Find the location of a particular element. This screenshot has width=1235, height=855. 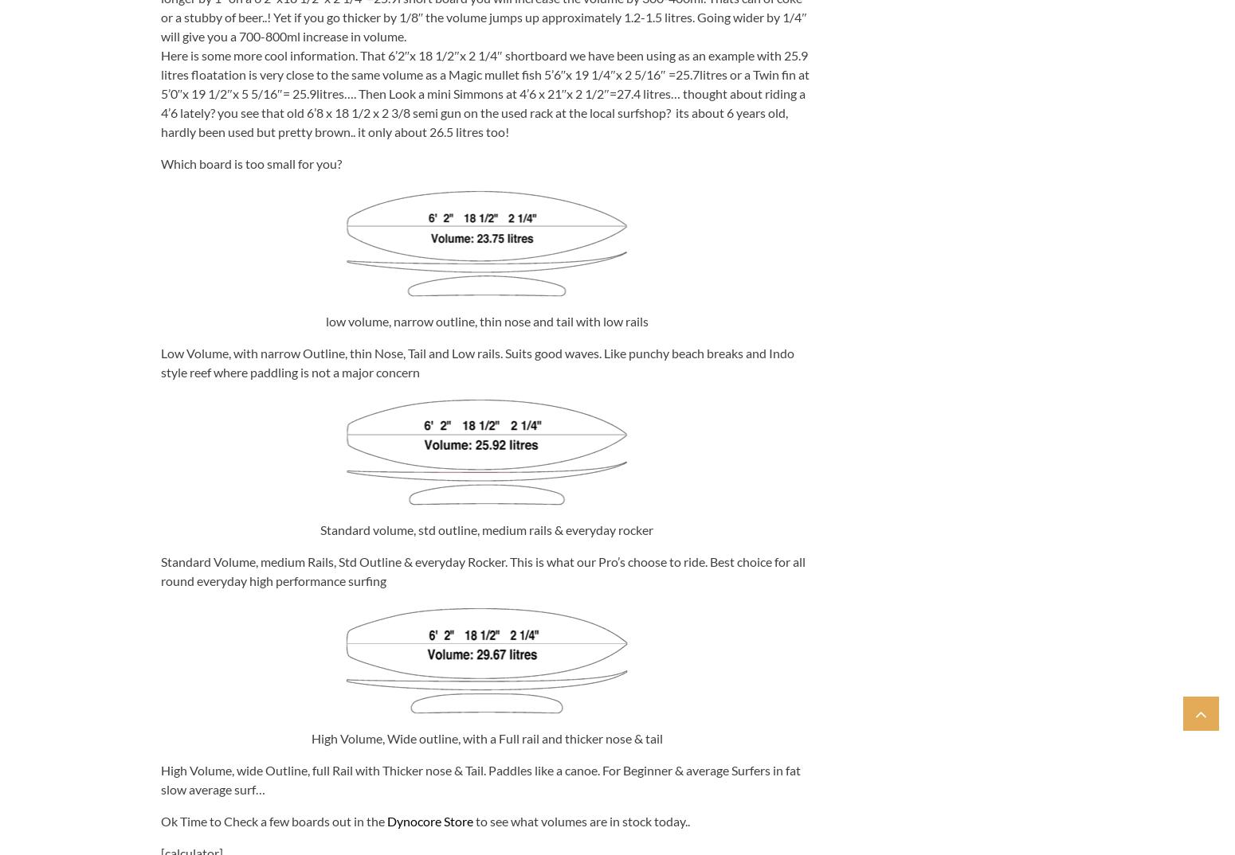

'to see what volumes are in stock today..' is located at coordinates (580, 820).